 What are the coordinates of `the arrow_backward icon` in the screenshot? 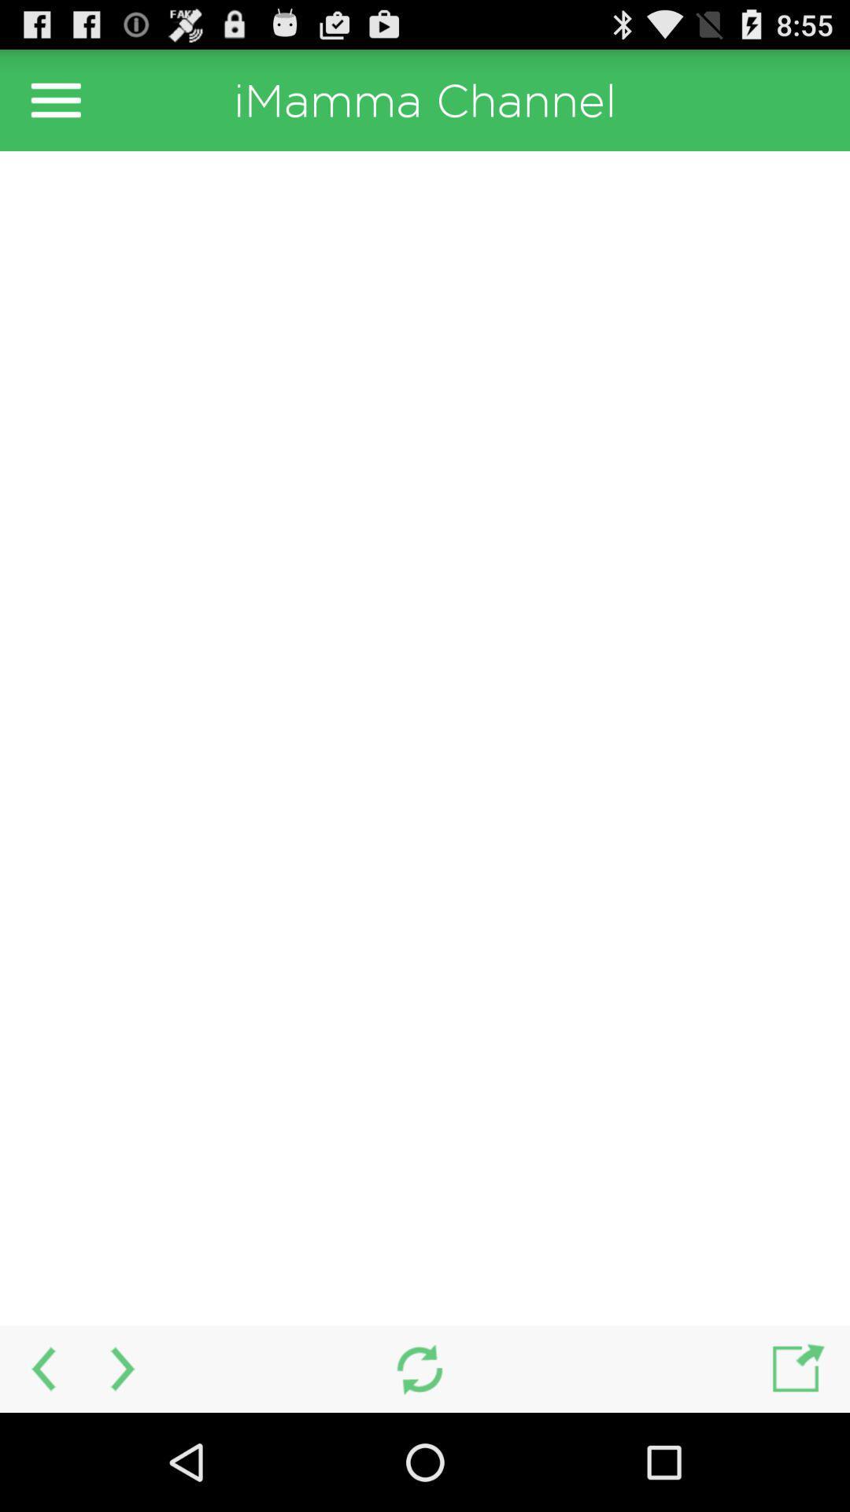 It's located at (40, 1464).